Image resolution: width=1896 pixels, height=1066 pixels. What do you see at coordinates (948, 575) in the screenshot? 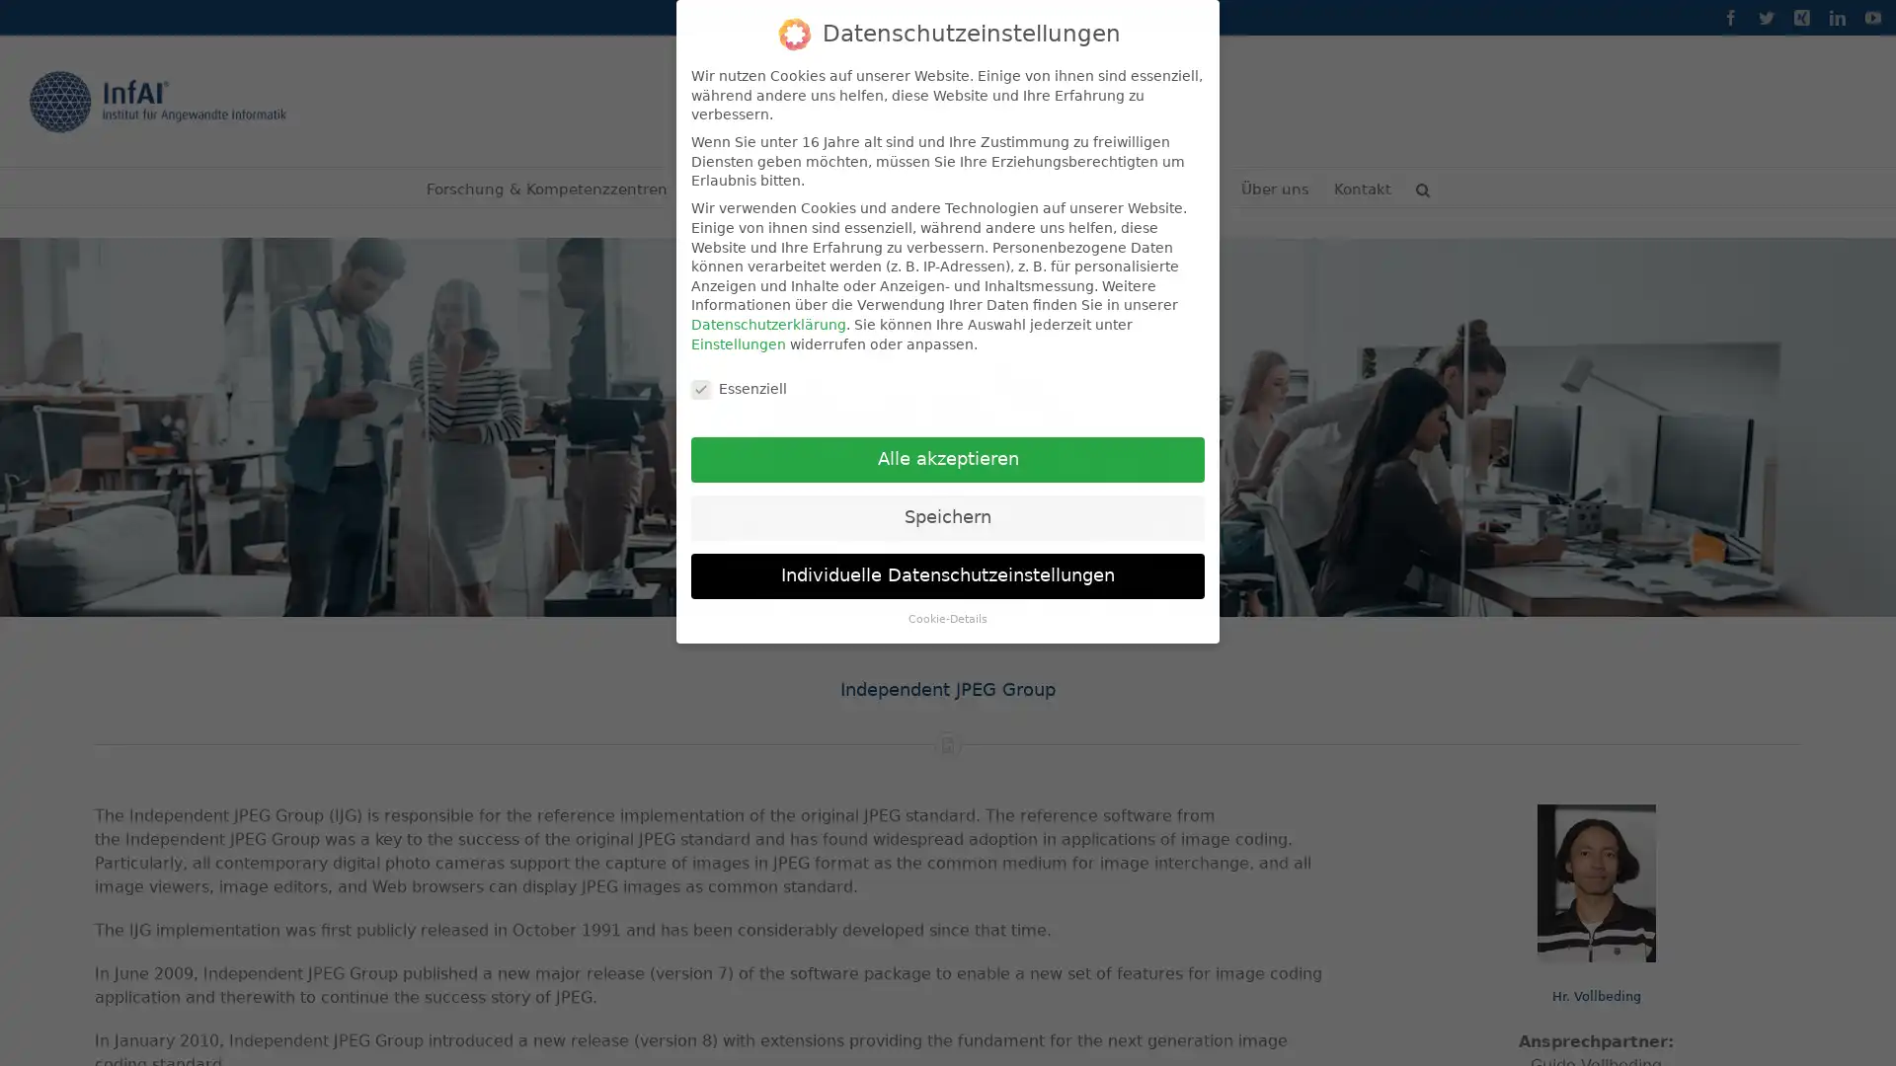
I see `Individuelle Datenschutzeinstellungen` at bounding box center [948, 575].